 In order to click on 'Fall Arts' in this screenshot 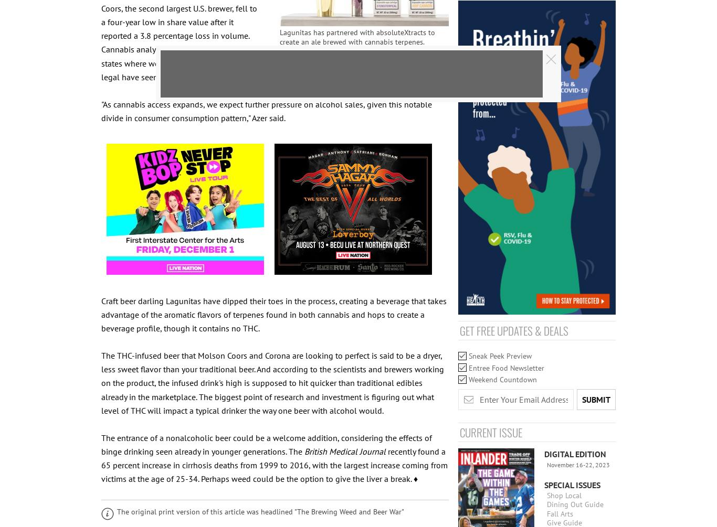, I will do `click(546, 512)`.